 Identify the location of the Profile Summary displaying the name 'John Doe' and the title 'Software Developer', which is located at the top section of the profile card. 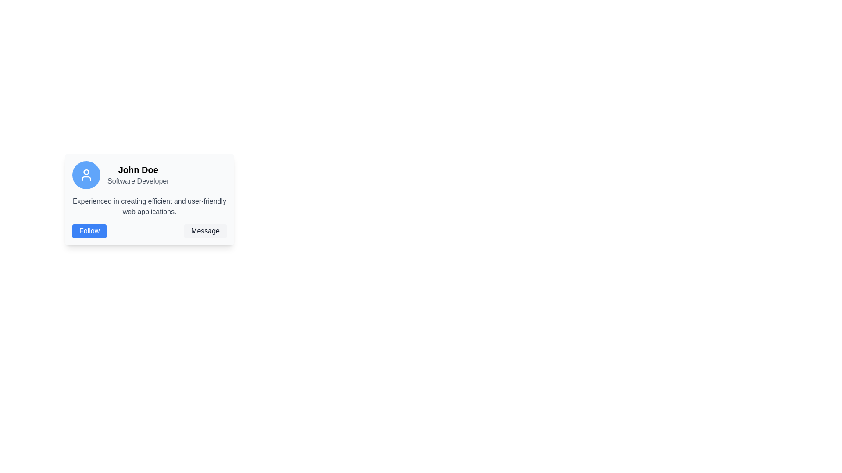
(149, 175).